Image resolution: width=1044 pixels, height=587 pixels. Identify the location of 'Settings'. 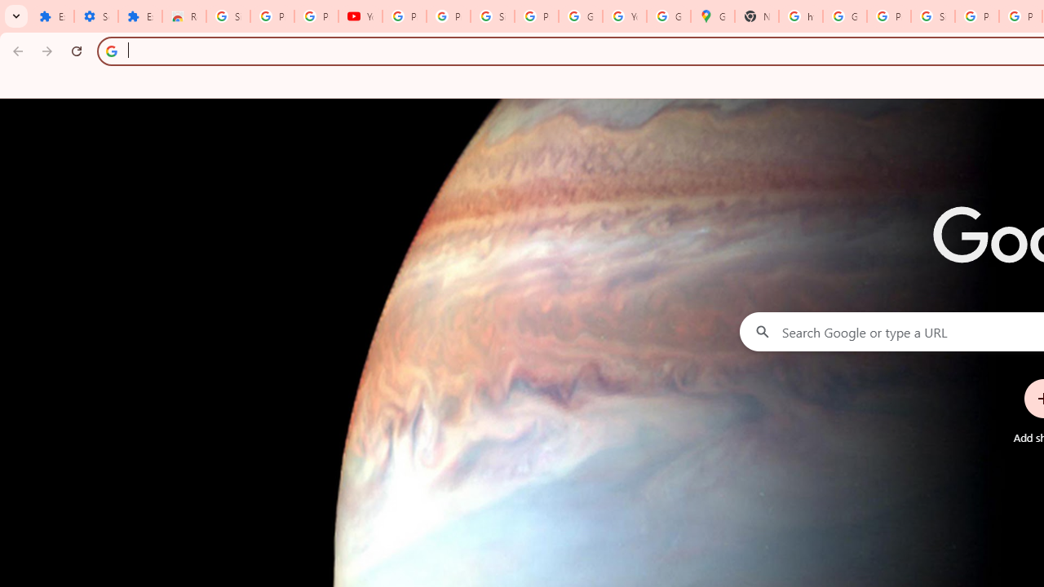
(95, 16).